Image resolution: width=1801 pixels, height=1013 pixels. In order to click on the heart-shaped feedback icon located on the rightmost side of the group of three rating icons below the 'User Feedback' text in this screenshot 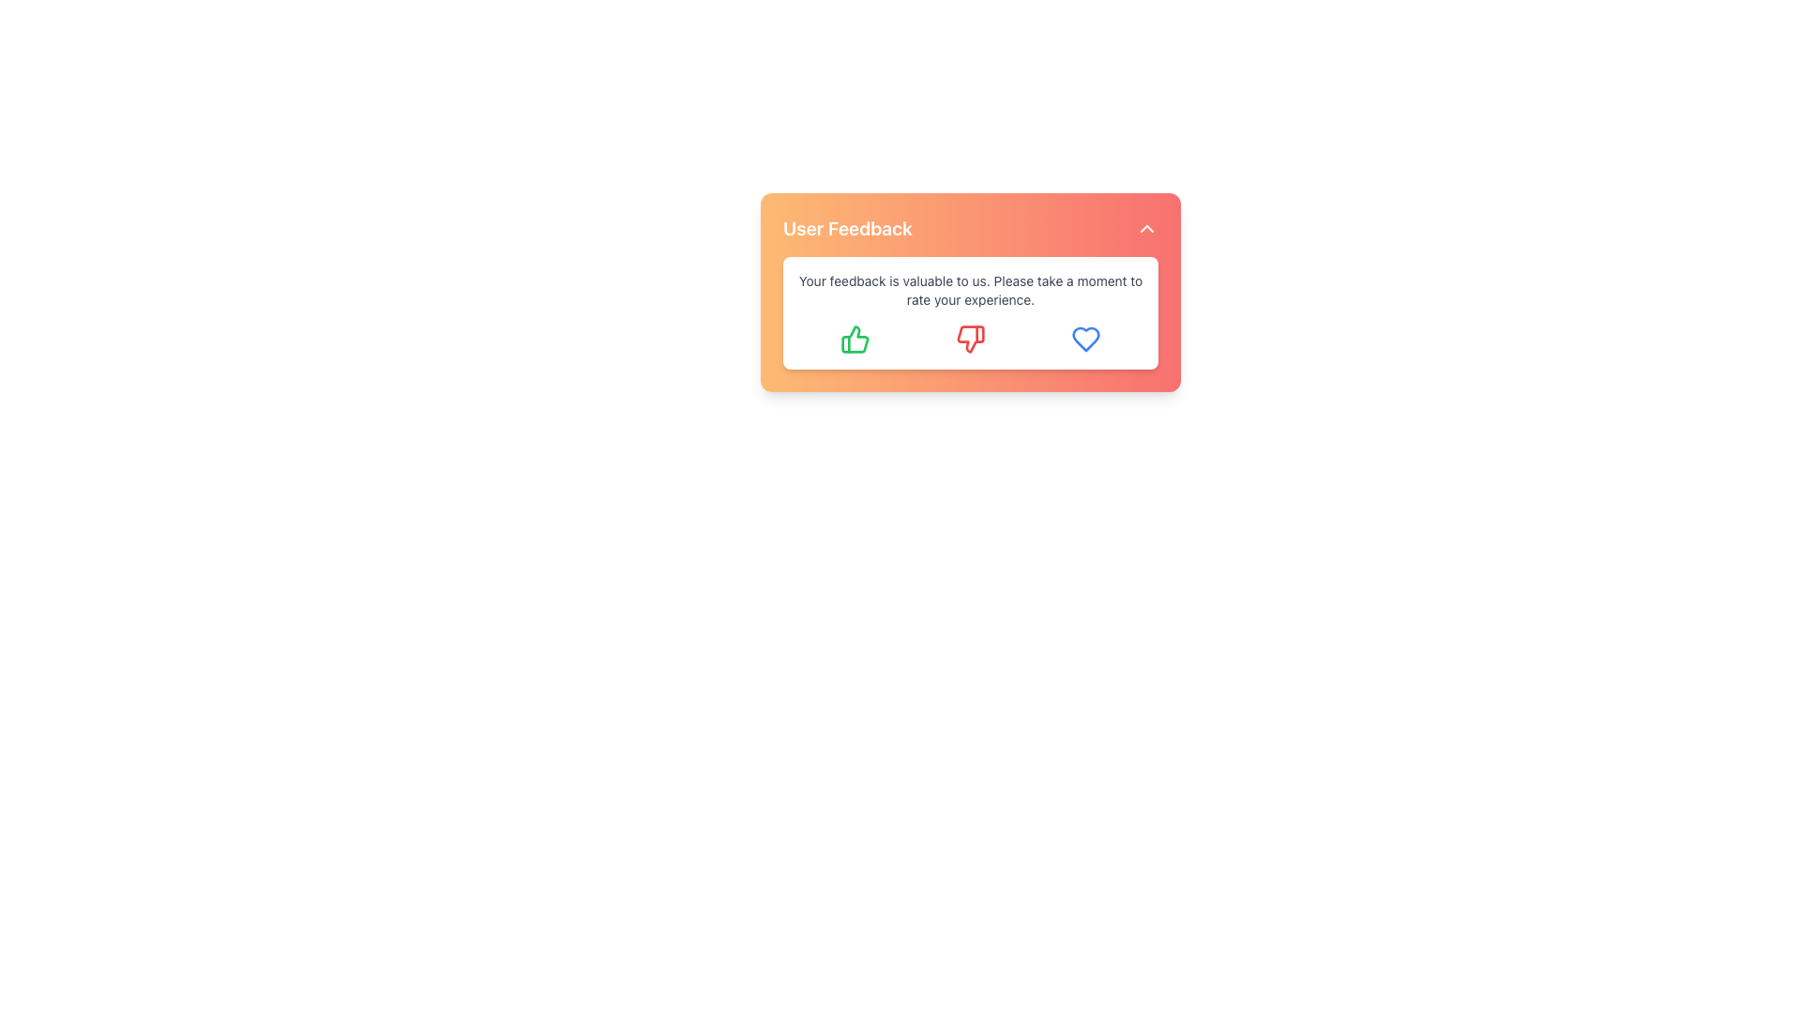, I will do `click(1085, 340)`.